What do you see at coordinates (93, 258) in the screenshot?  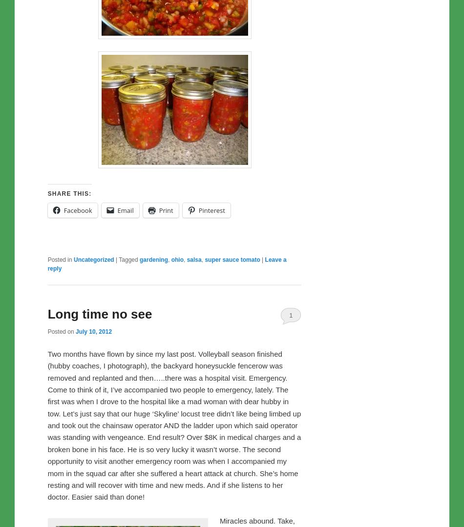 I see `'Uncategorized'` at bounding box center [93, 258].